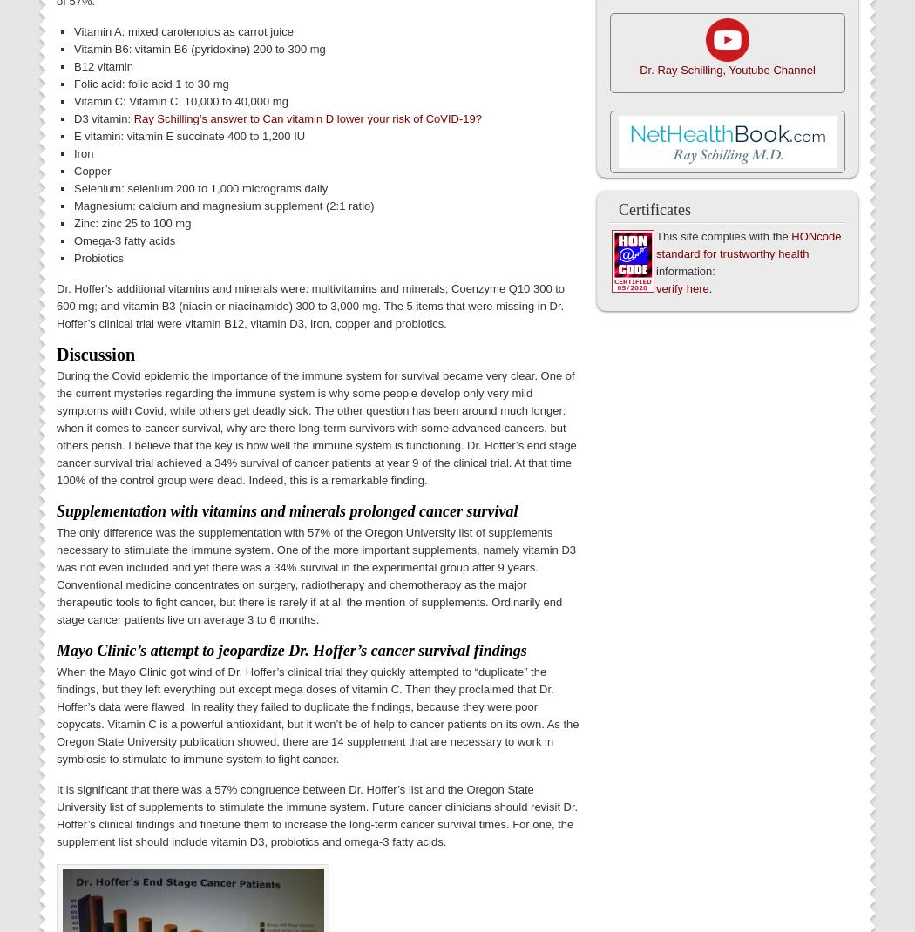  What do you see at coordinates (55, 427) in the screenshot?
I see `'During the Covid epidemic the importance of the immune system for survival became very clear. One of the current mysteries regarding the immune system is why some people develop only very mild symptoms with Covid, while others get deadly sick. The other question has been around much longer: when it comes to cancer survival, why are there long-term survivors with some advanced cancers, but others perish. I believe that the key is how well the immune system is functioning. Dr. Hoffer’s end stage cancer survival trial achieved a 34% survival of cancer patients at year 9 of the clinical trial. At that time 100% of the control group were dead. Indeed, this is a remarkable finding.'` at bounding box center [55, 427].